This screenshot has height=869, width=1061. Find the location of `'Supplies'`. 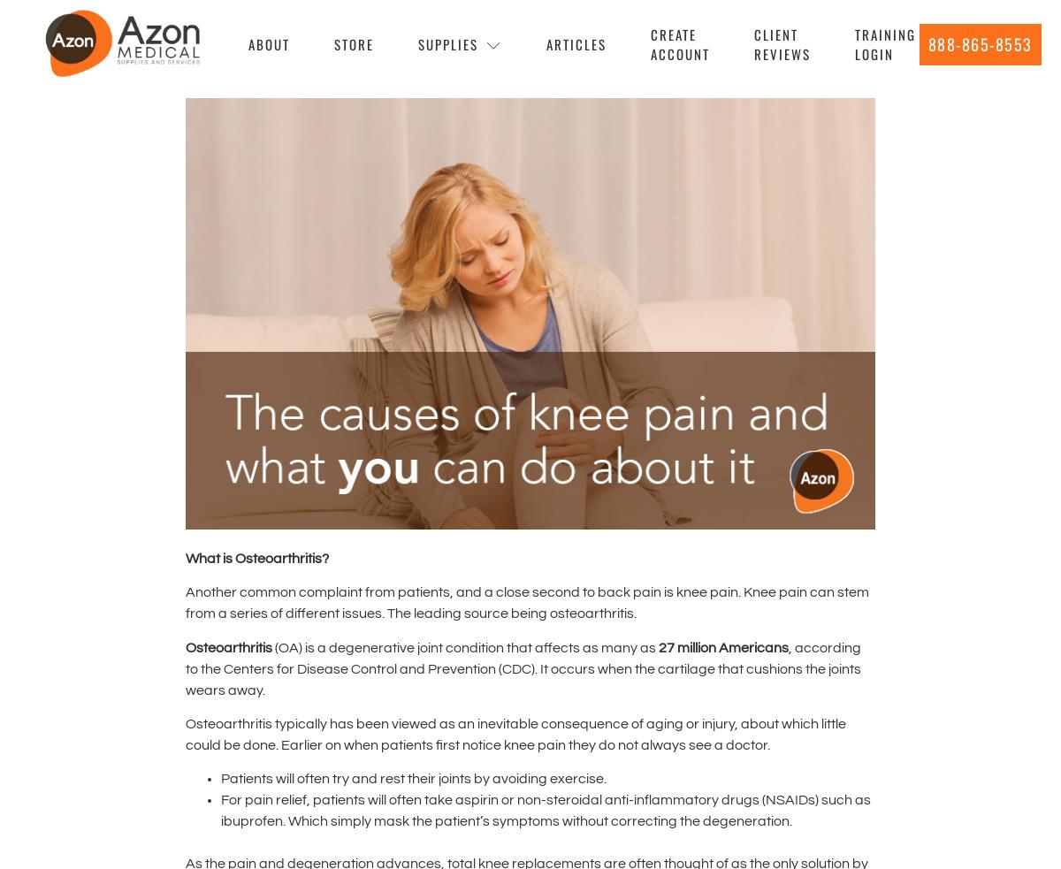

'Supplies' is located at coordinates (447, 42).